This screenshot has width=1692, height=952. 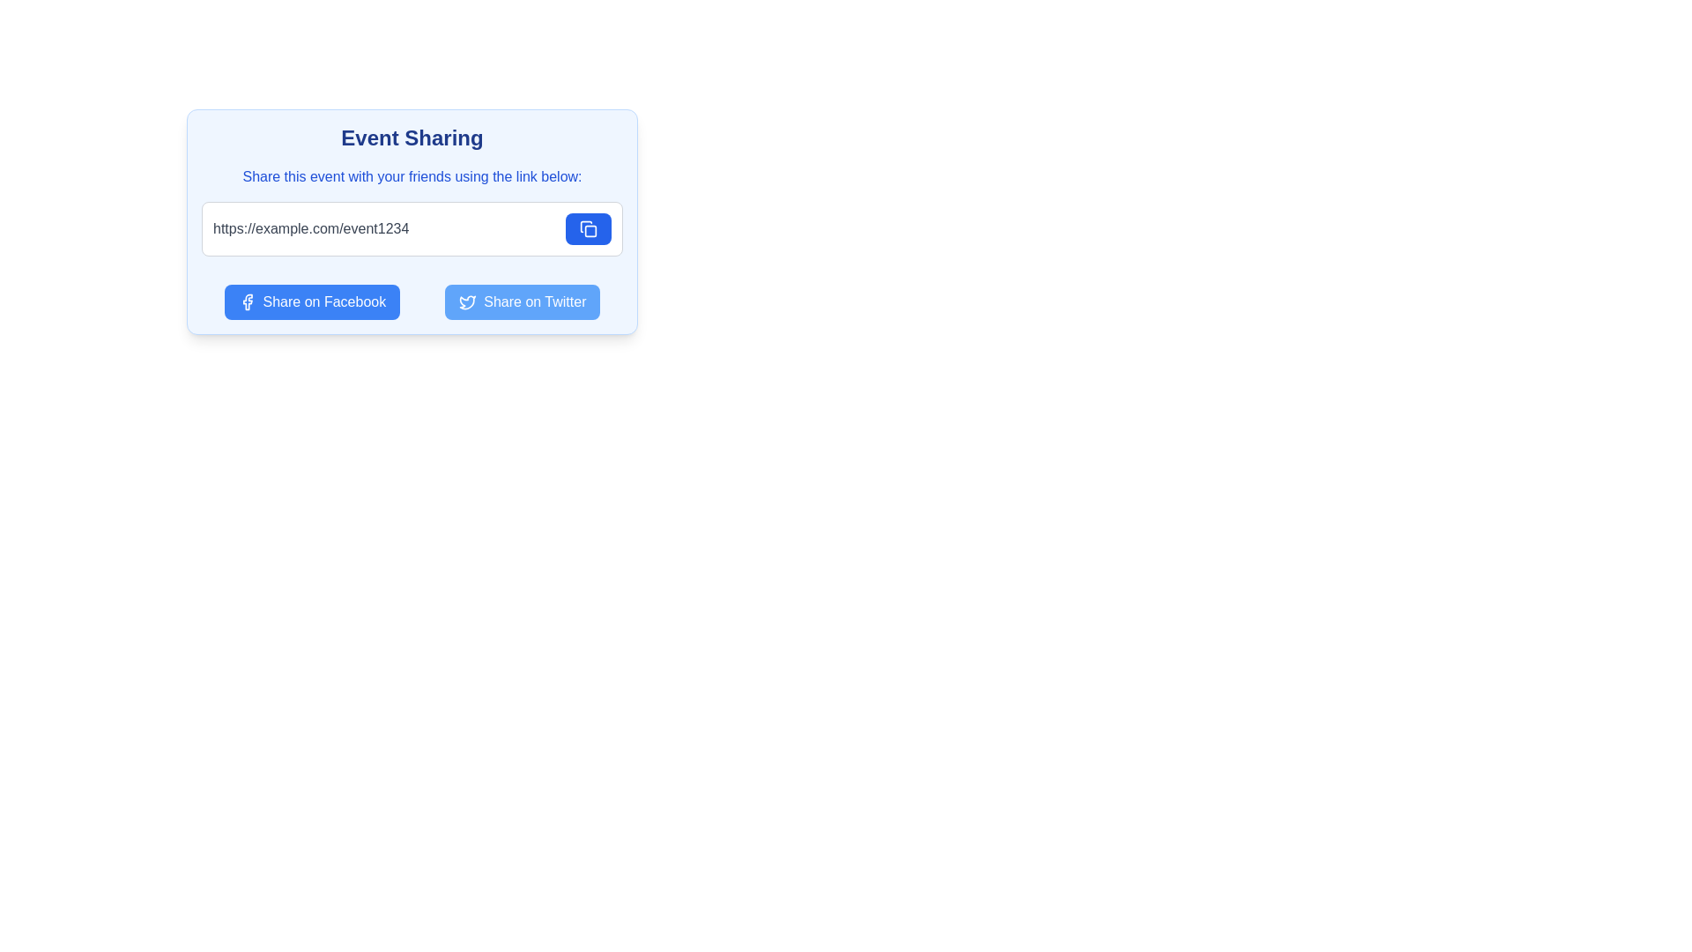 I want to click on the 'Share on Twitter' button which has a blue background and white text, so click(x=522, y=301).